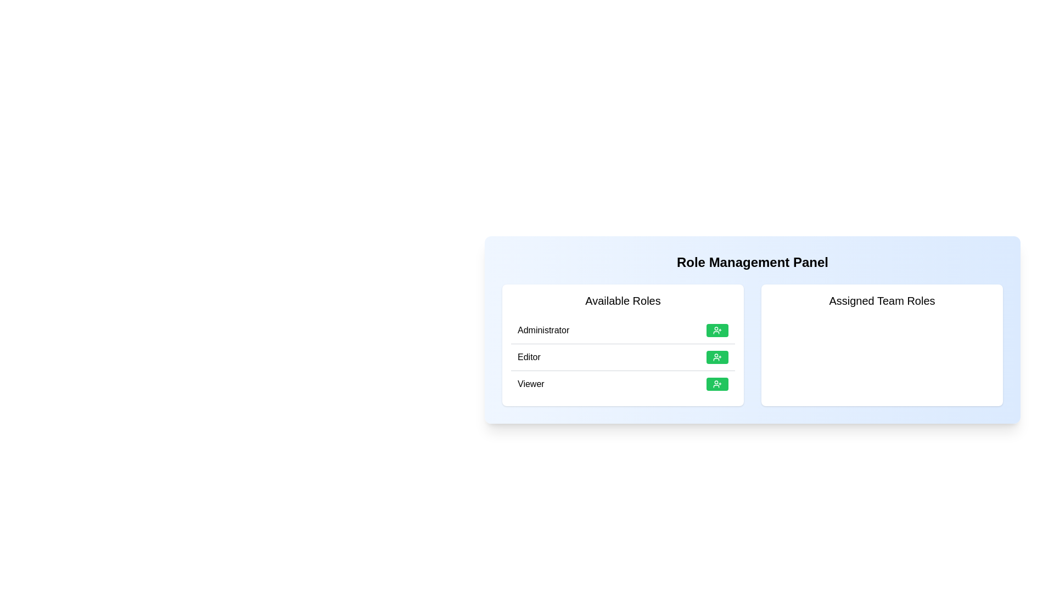 Image resolution: width=1054 pixels, height=592 pixels. What do you see at coordinates (717, 329) in the screenshot?
I see `green button next to the role 'Administrator' in the 'Available Roles' section to assign it to the team` at bounding box center [717, 329].